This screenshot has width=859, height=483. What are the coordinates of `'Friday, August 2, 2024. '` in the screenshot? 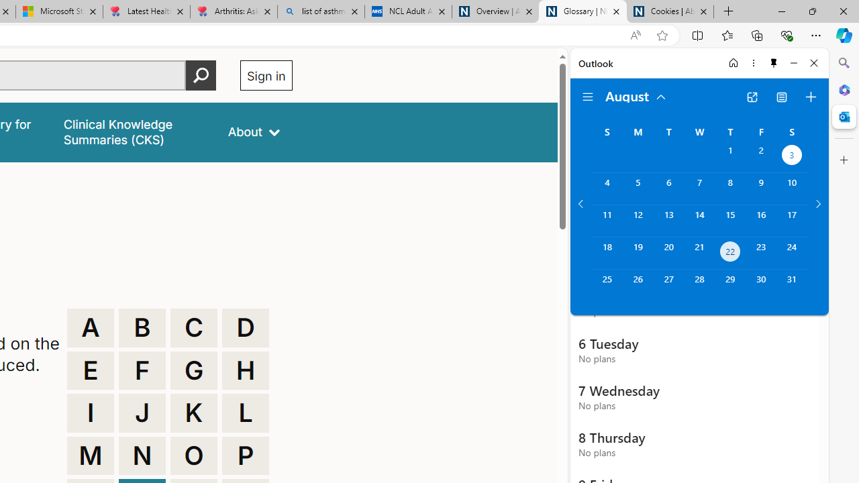 It's located at (761, 156).